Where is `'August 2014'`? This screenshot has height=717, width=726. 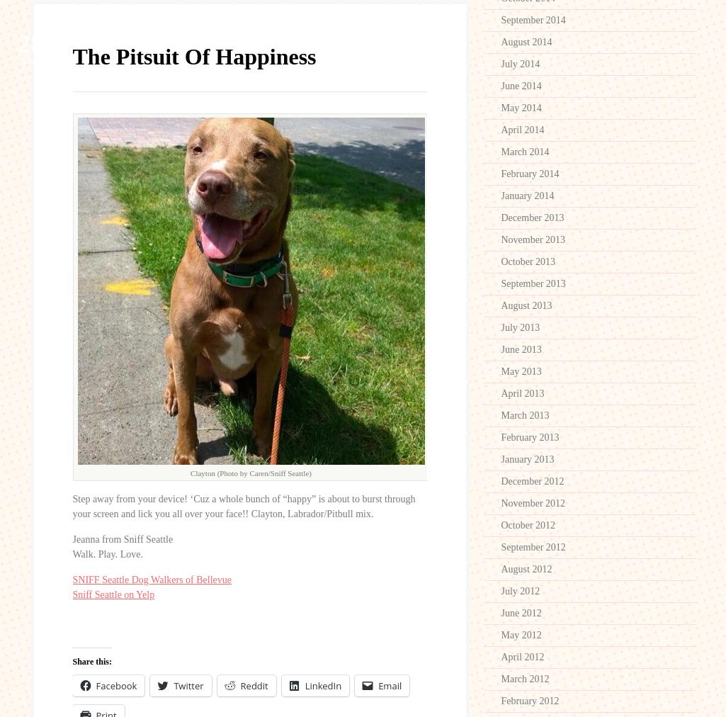
'August 2014' is located at coordinates (500, 41).